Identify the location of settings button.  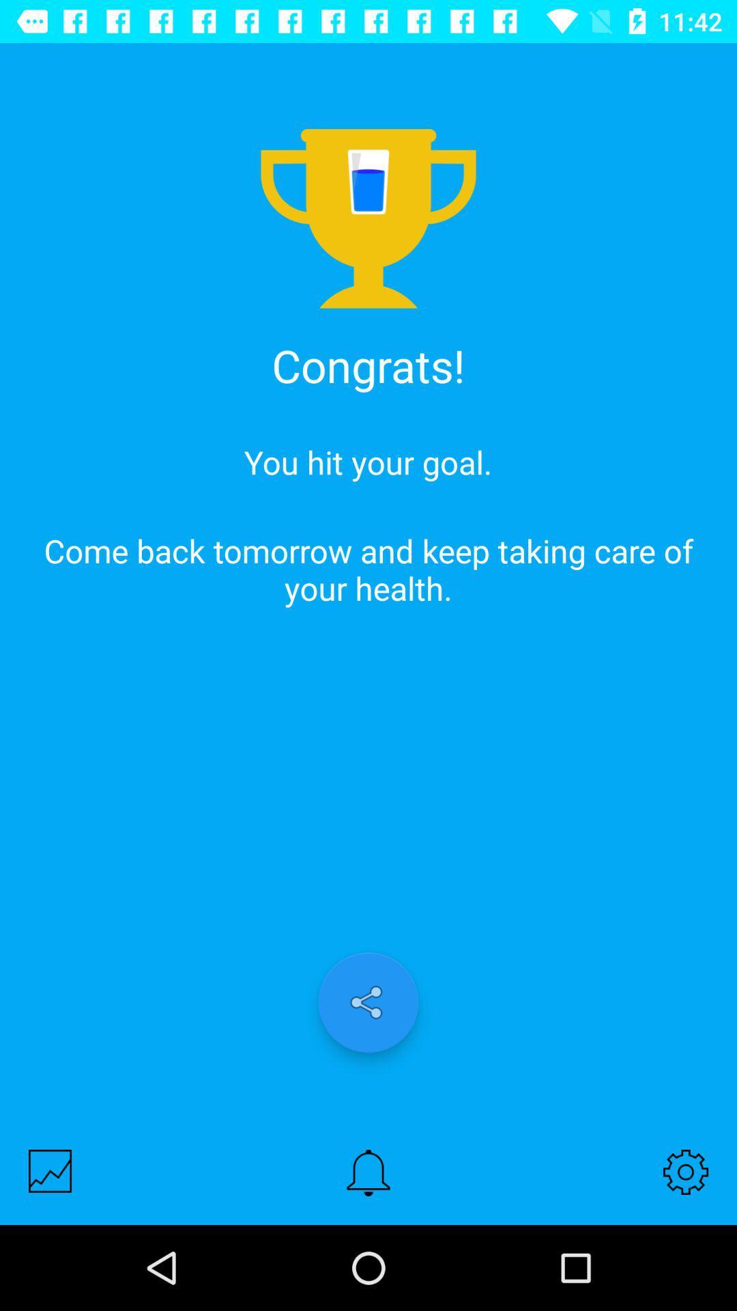
(686, 1171).